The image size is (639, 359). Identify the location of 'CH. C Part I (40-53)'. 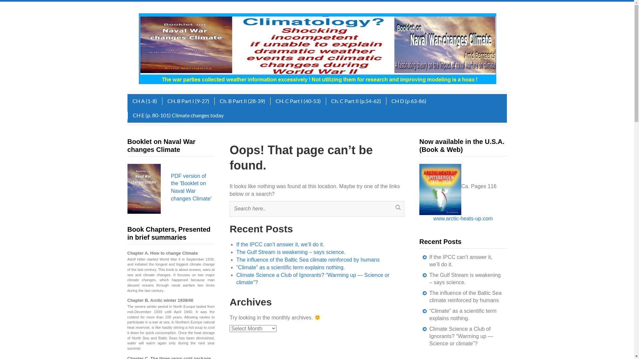
(298, 101).